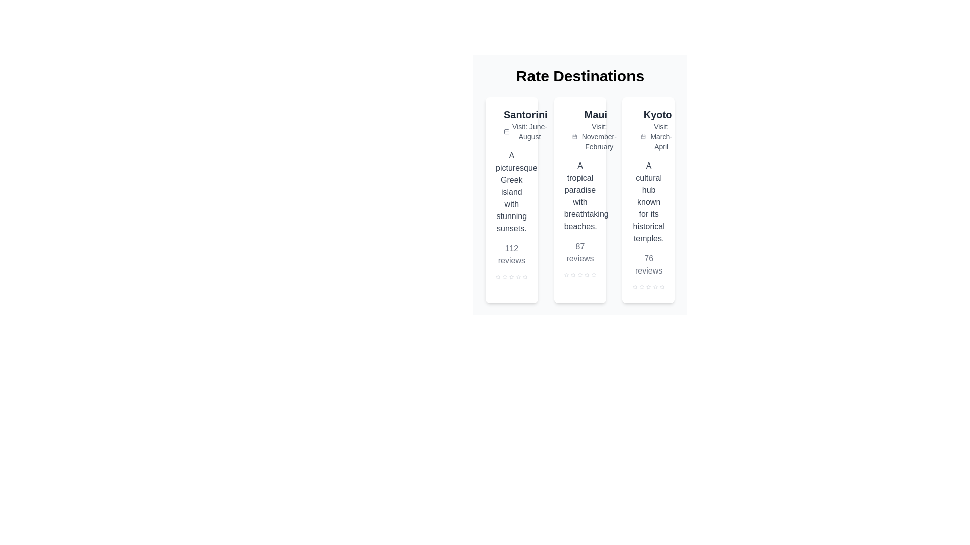 The height and width of the screenshot is (545, 970). Describe the element at coordinates (525, 114) in the screenshot. I see `the text element displaying 'Santorini', which is bold and large, located at the top of the vertical content block in the 'Rate Destinations' section` at that location.